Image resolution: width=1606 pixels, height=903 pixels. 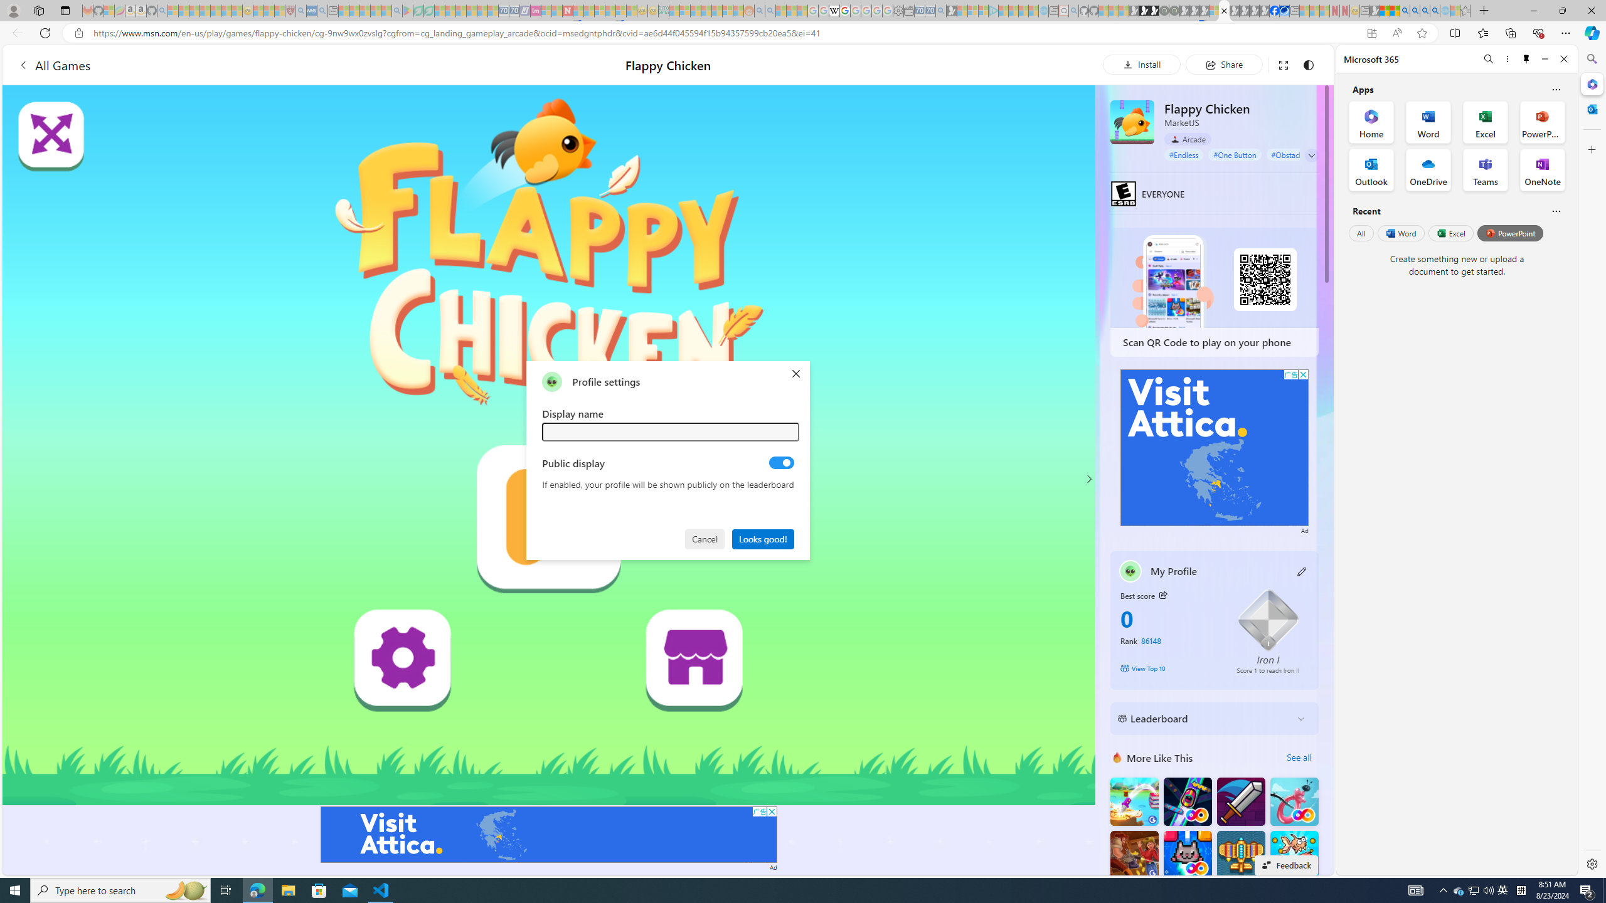 What do you see at coordinates (1403, 10) in the screenshot?
I see `'Bing AI - Search'` at bounding box center [1403, 10].